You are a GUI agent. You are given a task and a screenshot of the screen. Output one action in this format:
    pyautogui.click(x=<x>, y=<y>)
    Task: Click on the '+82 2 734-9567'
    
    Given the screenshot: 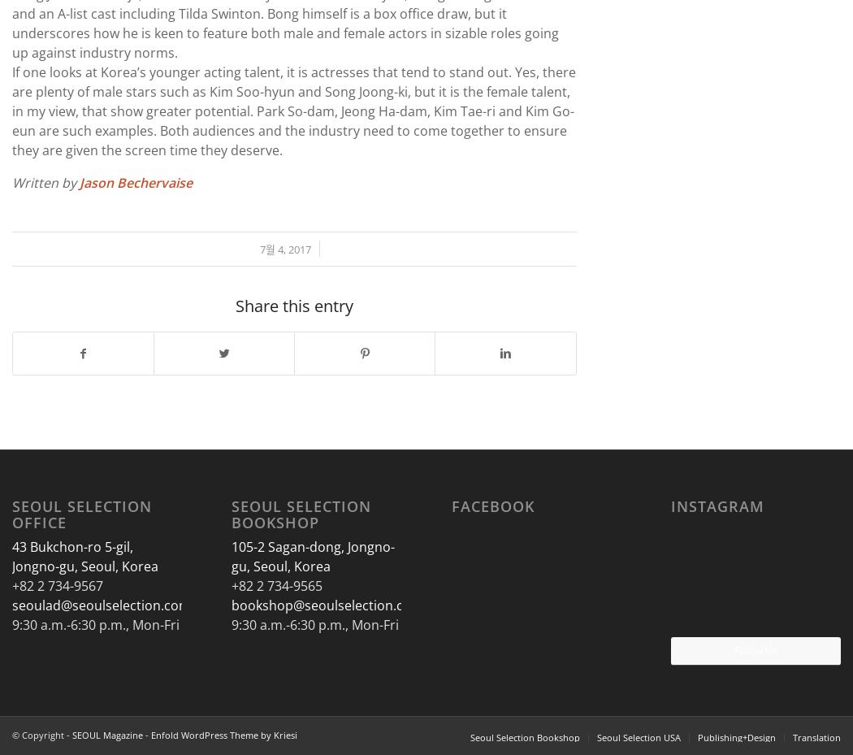 What is the action you would take?
    pyautogui.click(x=56, y=584)
    